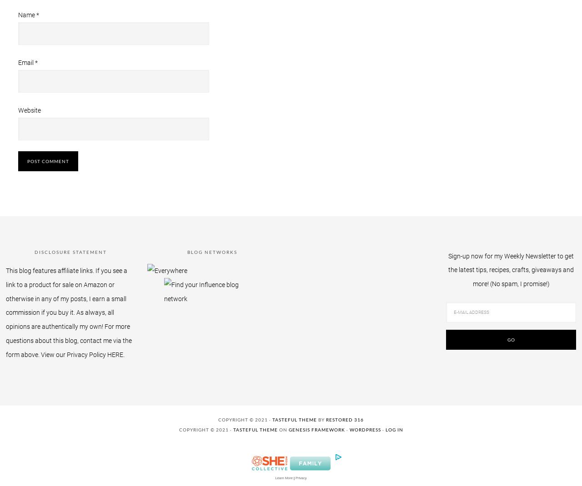 This screenshot has height=486, width=582. What do you see at coordinates (301, 478) in the screenshot?
I see `'Privacy'` at bounding box center [301, 478].